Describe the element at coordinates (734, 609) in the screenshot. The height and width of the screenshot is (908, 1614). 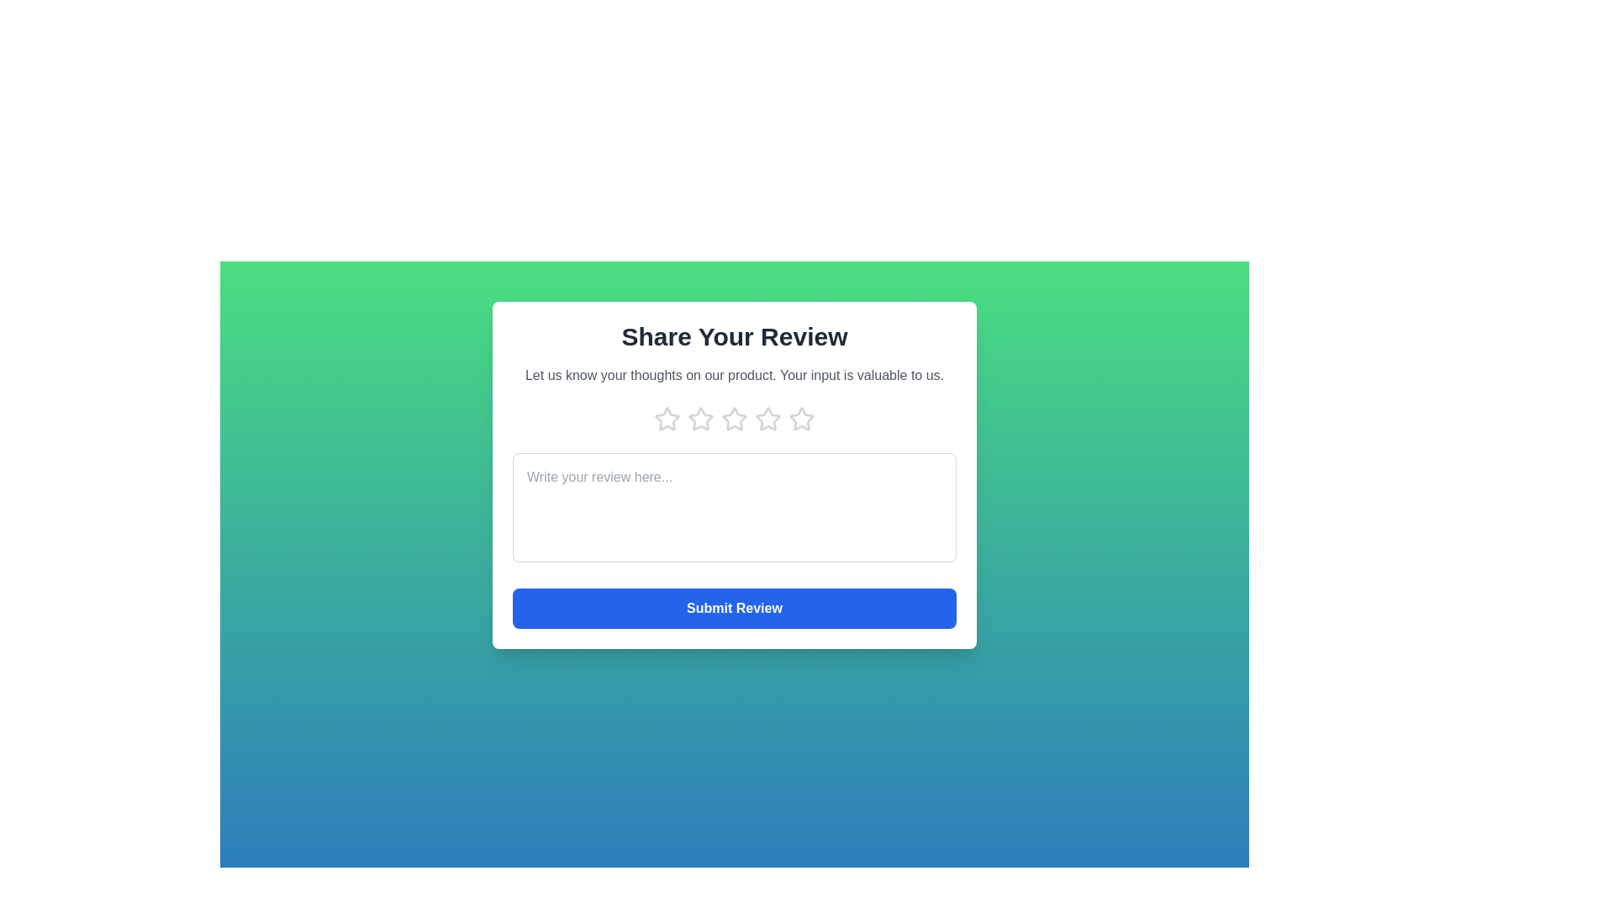
I see `the 'Submit Review' button to submit the review` at that location.